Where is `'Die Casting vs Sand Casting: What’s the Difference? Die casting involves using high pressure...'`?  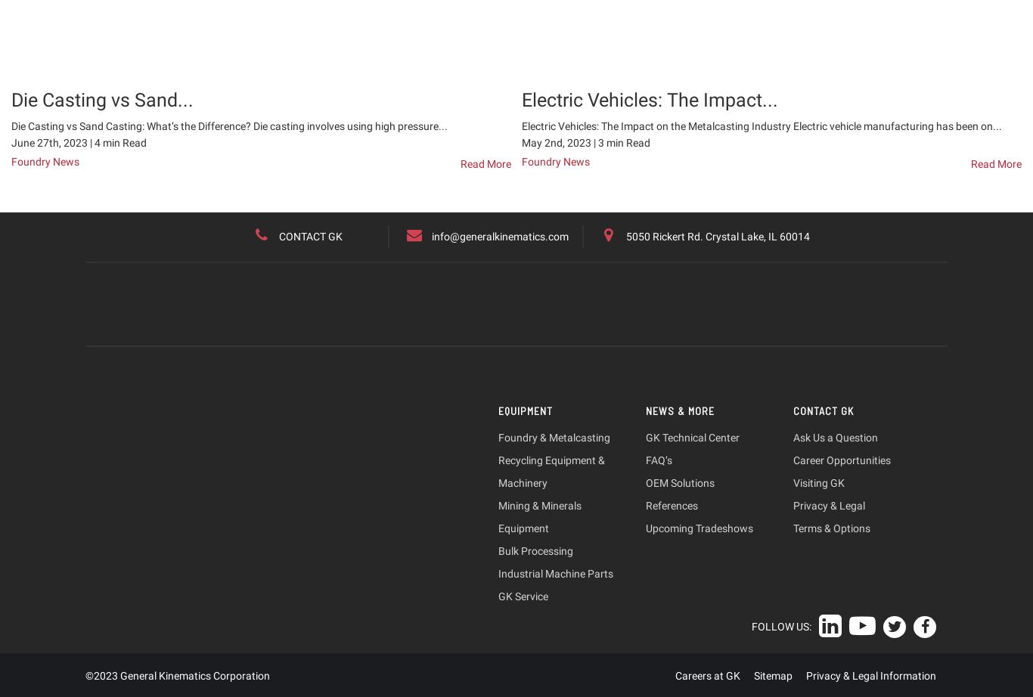 'Die Casting vs Sand Casting: What’s the Difference? Die casting involves using high pressure...' is located at coordinates (229, 125).